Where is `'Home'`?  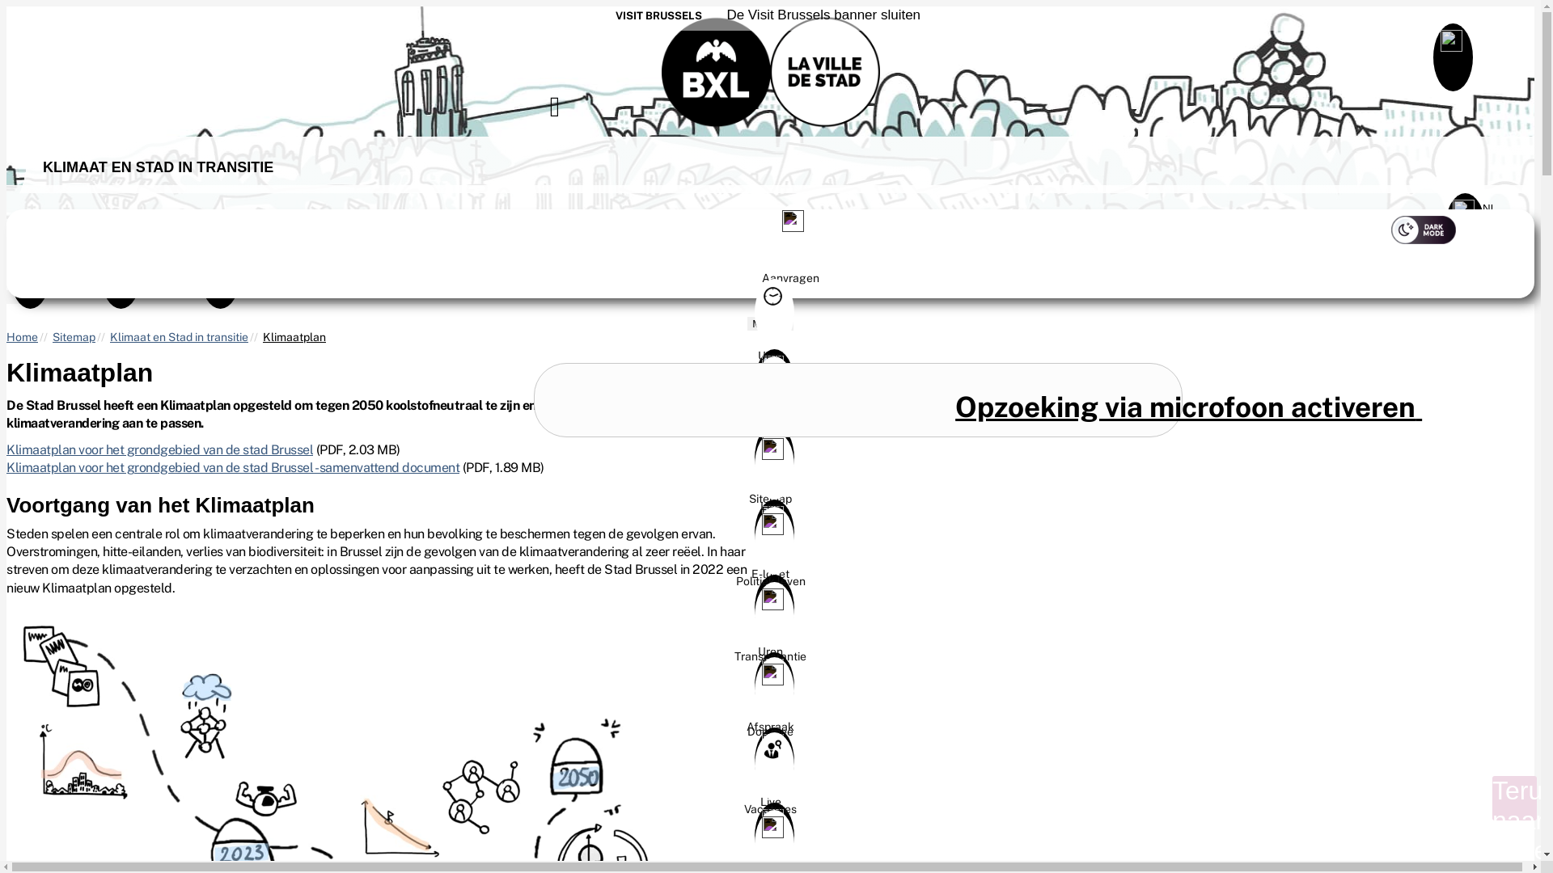 'Home' is located at coordinates (22, 335).